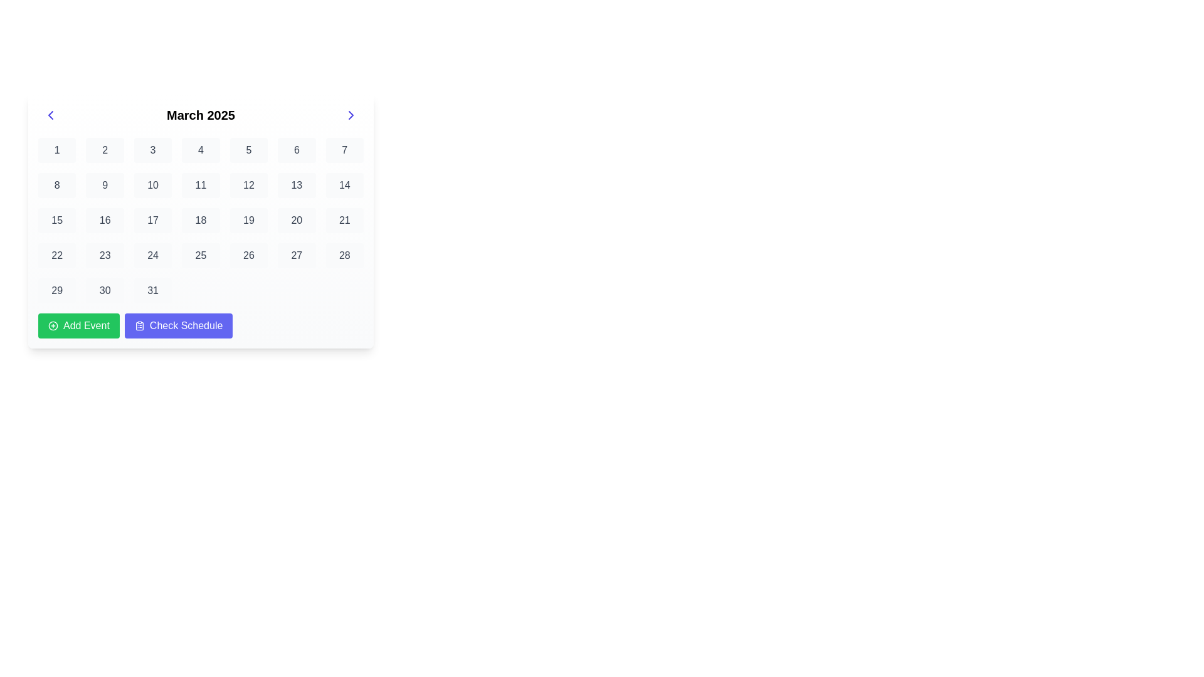 This screenshot has height=677, width=1204. I want to click on the small, rightward-pointing arrow icon located near the upper-right corner of the calendar interface, associated with the text 'March 2025', so click(351, 115).